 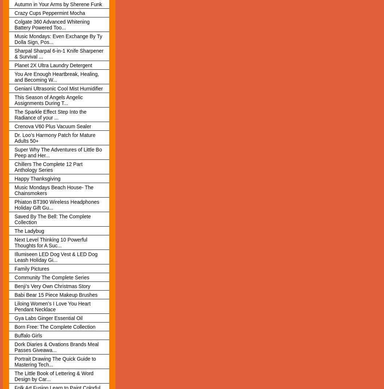 I want to click on 'Benji’s Very Own Christmas Story', so click(x=52, y=285).